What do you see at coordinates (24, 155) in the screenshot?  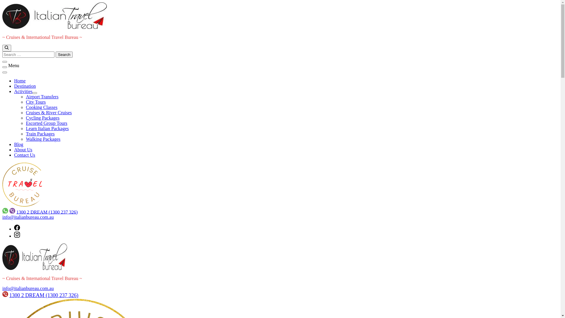 I see `'Contact Us'` at bounding box center [24, 155].